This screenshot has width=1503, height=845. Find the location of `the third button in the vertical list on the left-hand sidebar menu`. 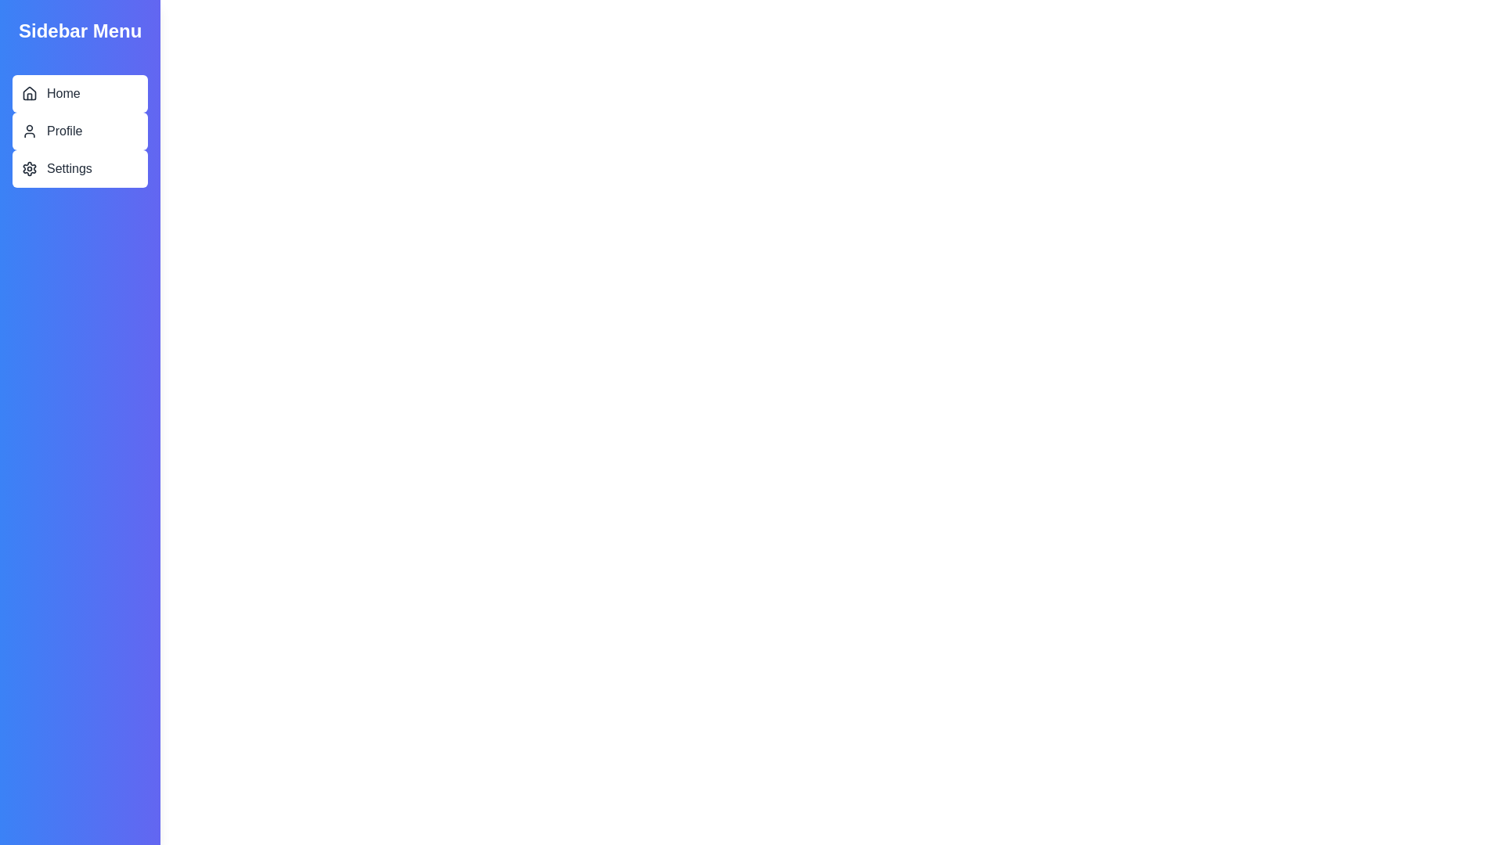

the third button in the vertical list on the left-hand sidebar menu is located at coordinates (79, 169).